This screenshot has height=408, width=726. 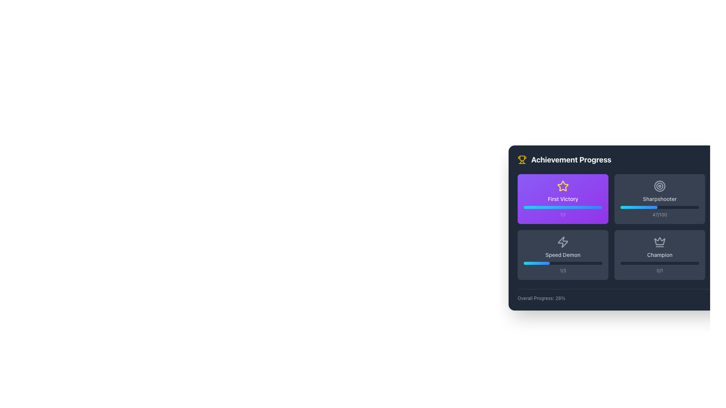 What do you see at coordinates (659, 263) in the screenshot?
I see `the horizontal progress bar indicating the 'Champion' achievement progress, which is currently at 0%, located in the right column of the bottom row under 'Achievement Progress'` at bounding box center [659, 263].